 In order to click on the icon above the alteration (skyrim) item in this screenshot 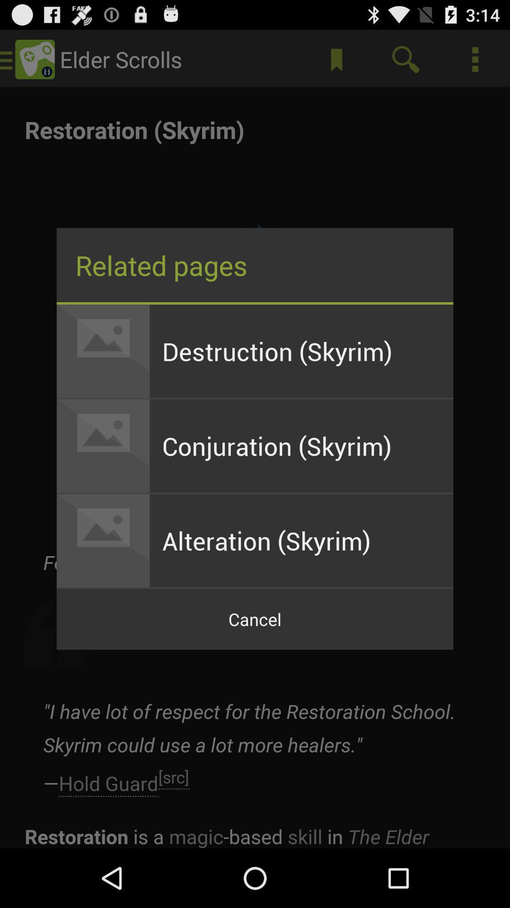, I will do `click(301, 445)`.